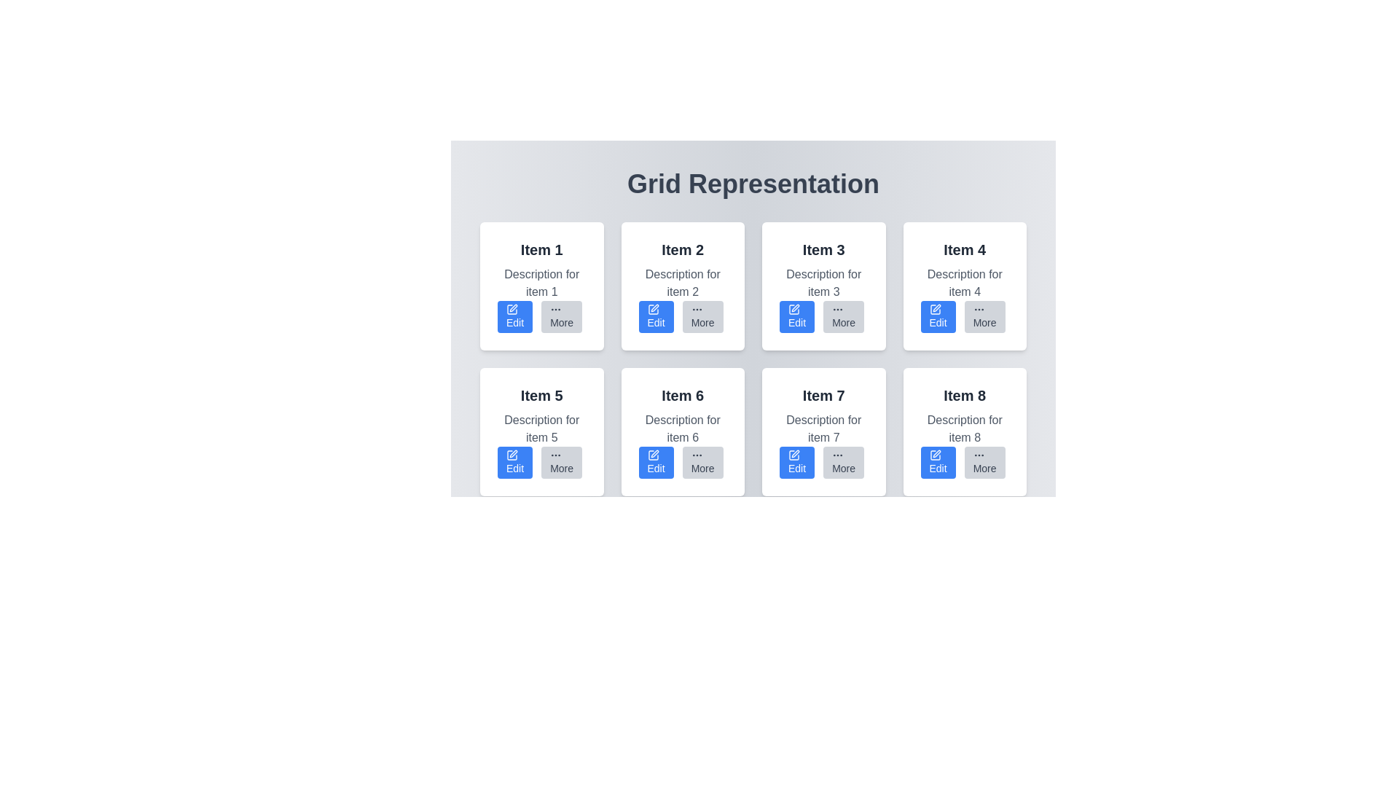 Image resolution: width=1399 pixels, height=787 pixels. Describe the element at coordinates (514, 453) in the screenshot. I see `the pen icon within the 'Edit' button under 'Item 5' in the grid layout` at that location.